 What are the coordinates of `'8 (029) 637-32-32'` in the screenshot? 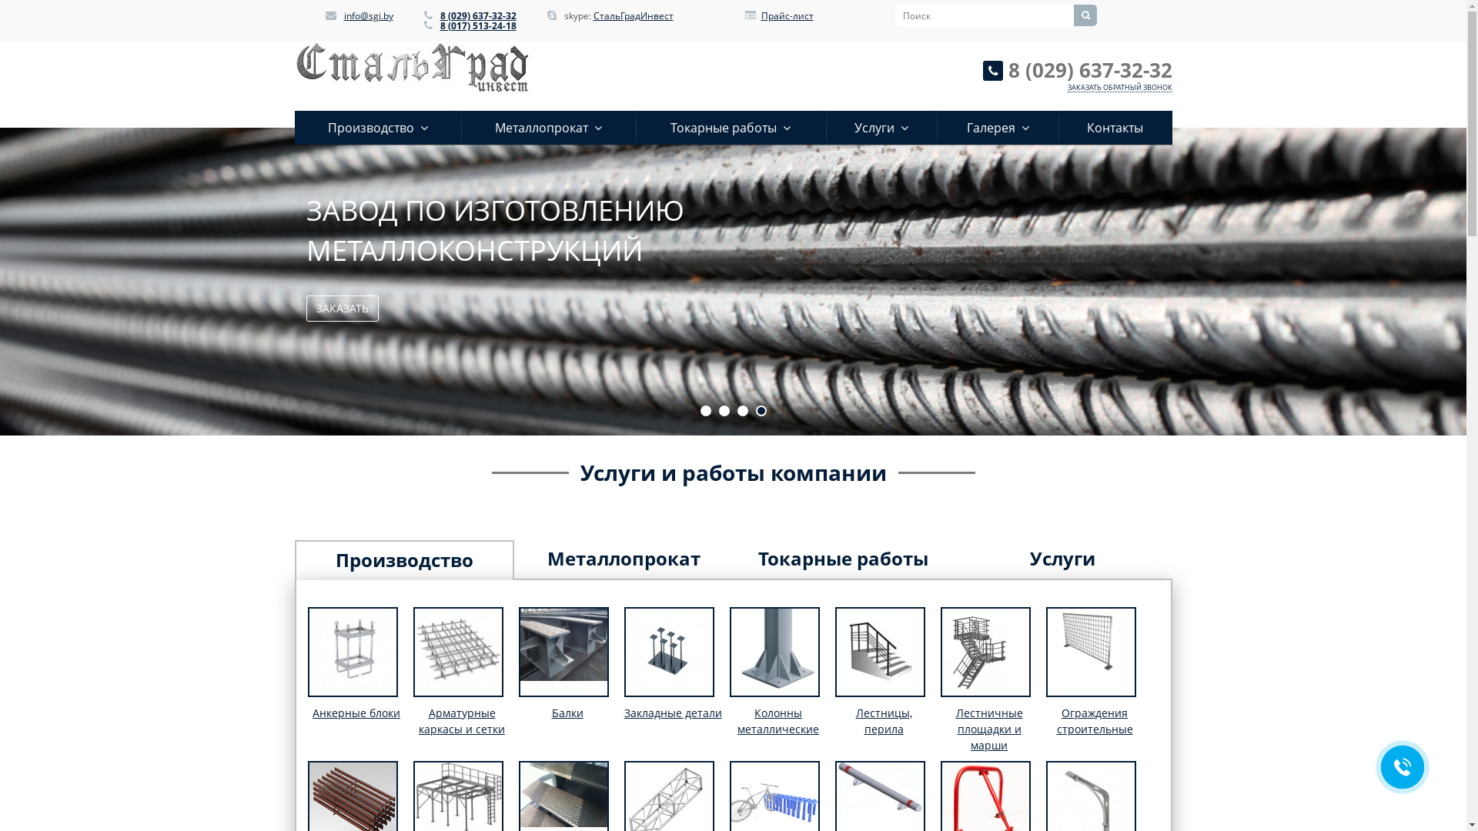 It's located at (1089, 70).